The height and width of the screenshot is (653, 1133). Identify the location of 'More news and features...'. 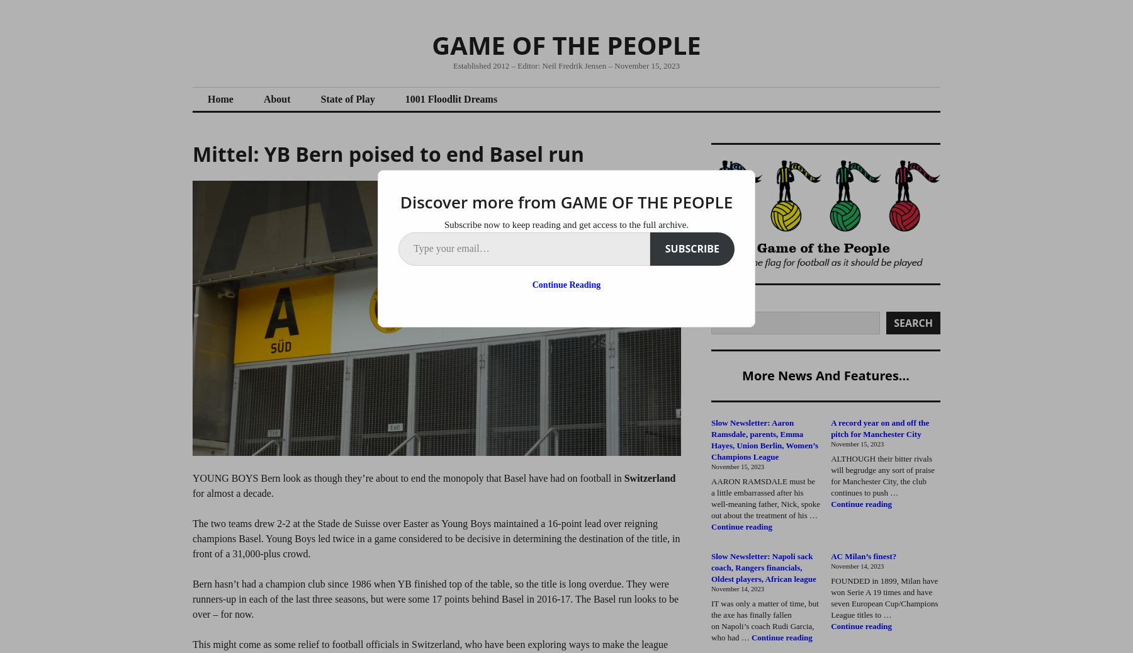
(825, 375).